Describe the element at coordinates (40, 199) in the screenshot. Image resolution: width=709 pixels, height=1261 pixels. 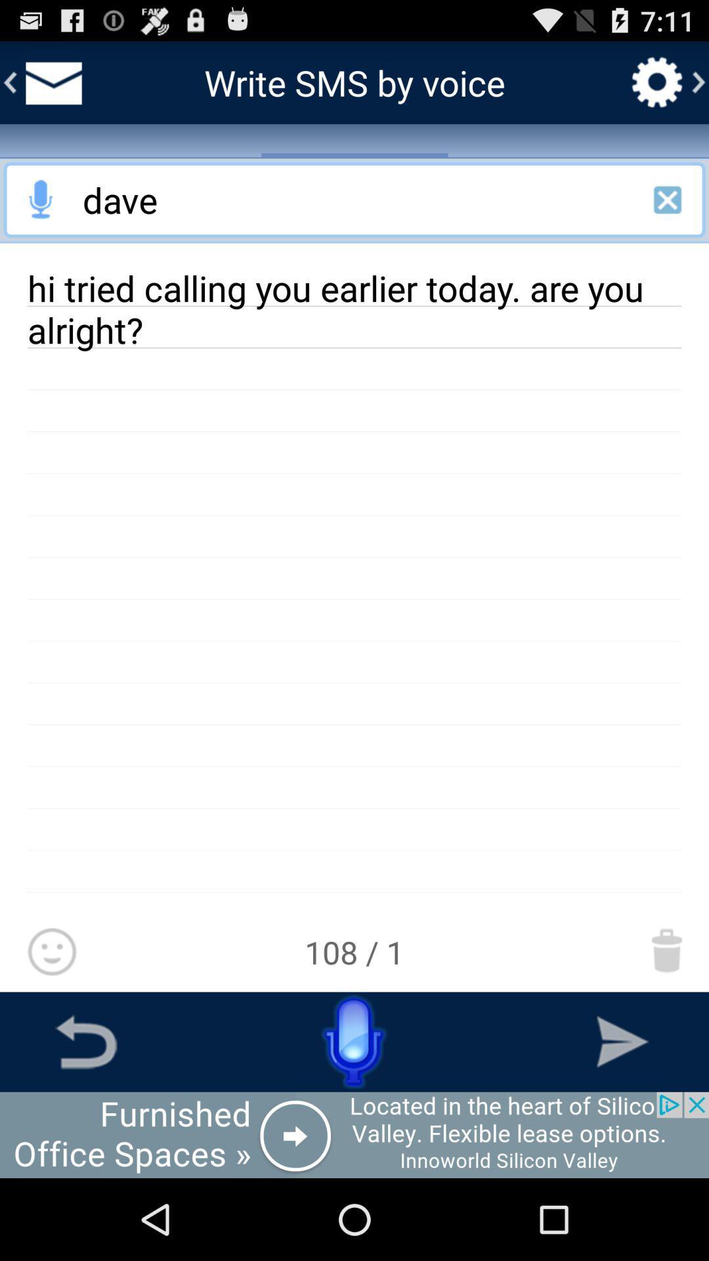
I see `record audio` at that location.